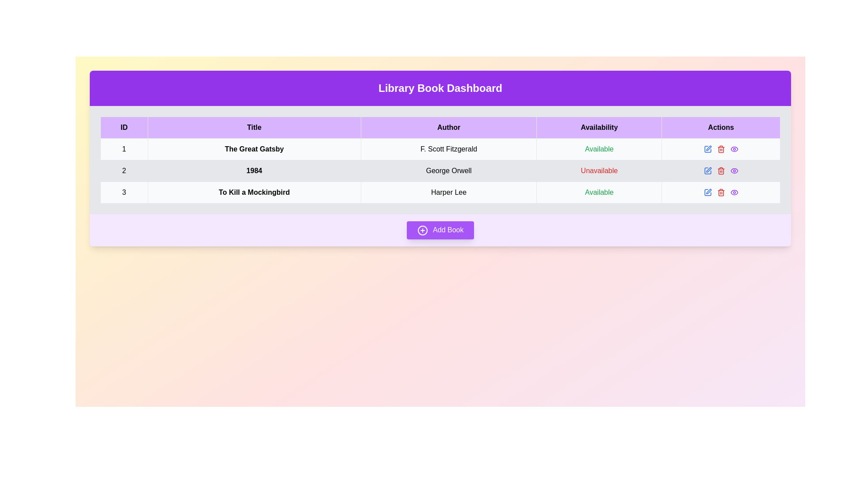  Describe the element at coordinates (721, 149) in the screenshot. I see `the delete button for the book entry '1984' by George Orwell to initiate the delete action` at that location.